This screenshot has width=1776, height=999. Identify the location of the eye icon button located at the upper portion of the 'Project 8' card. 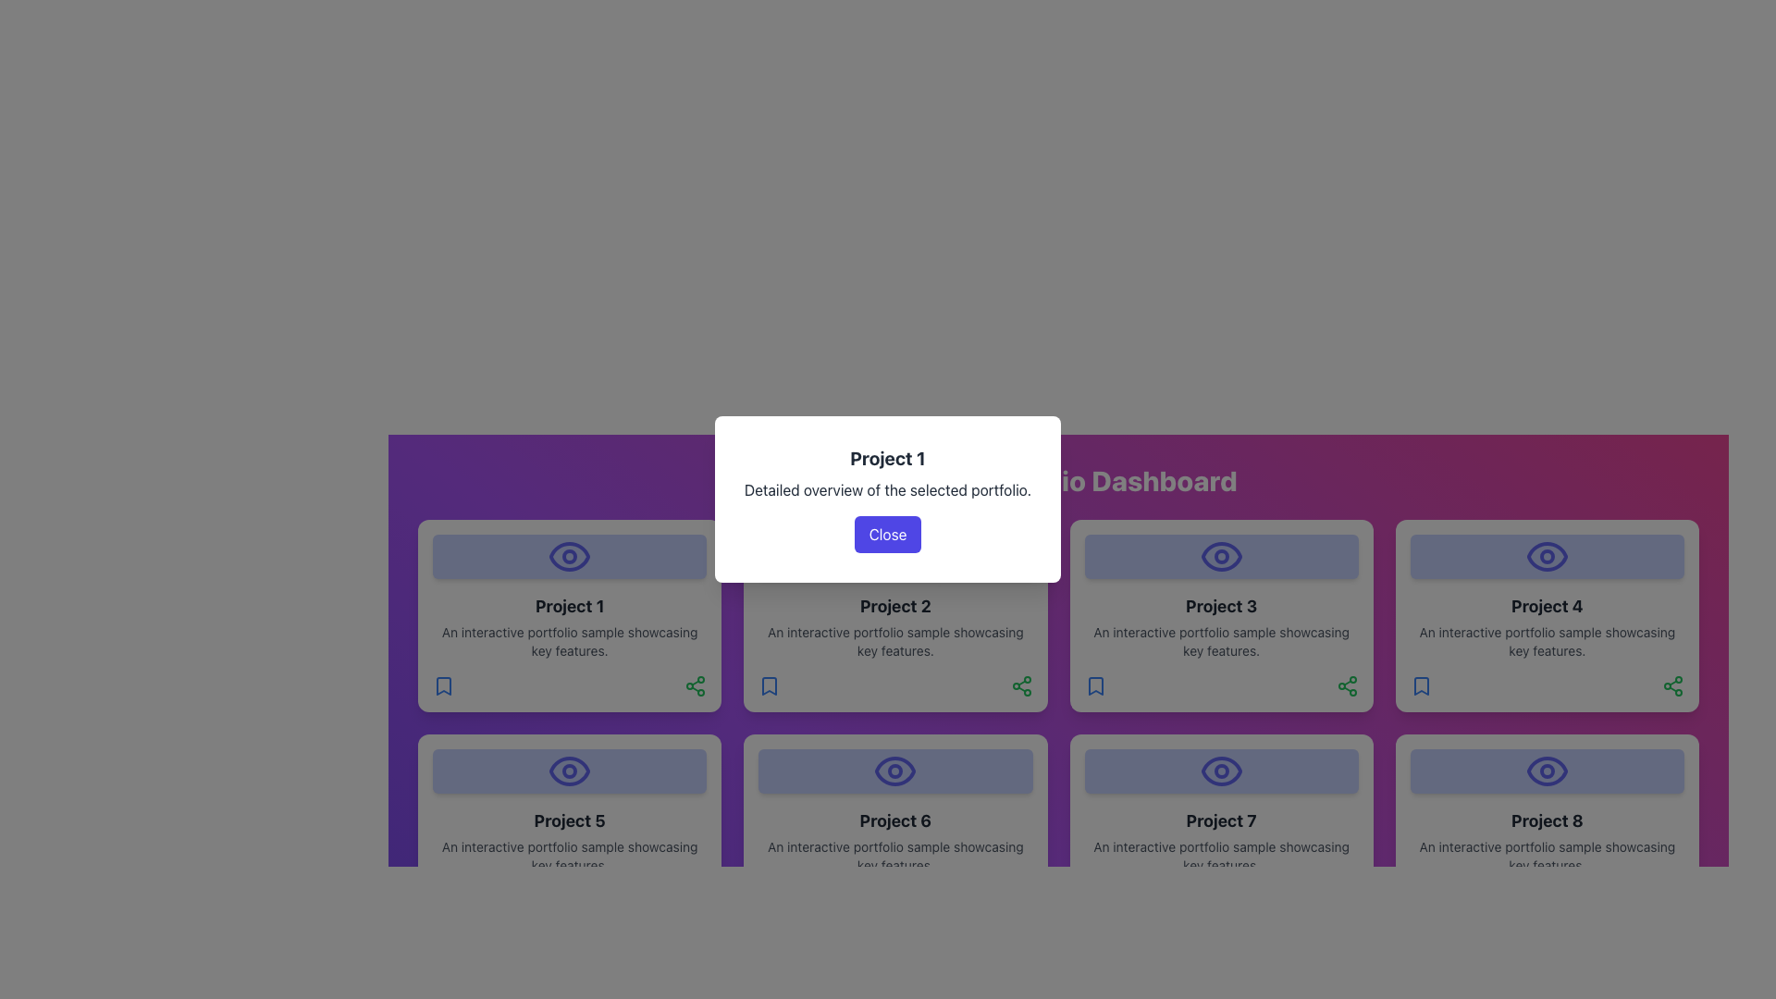
(1547, 771).